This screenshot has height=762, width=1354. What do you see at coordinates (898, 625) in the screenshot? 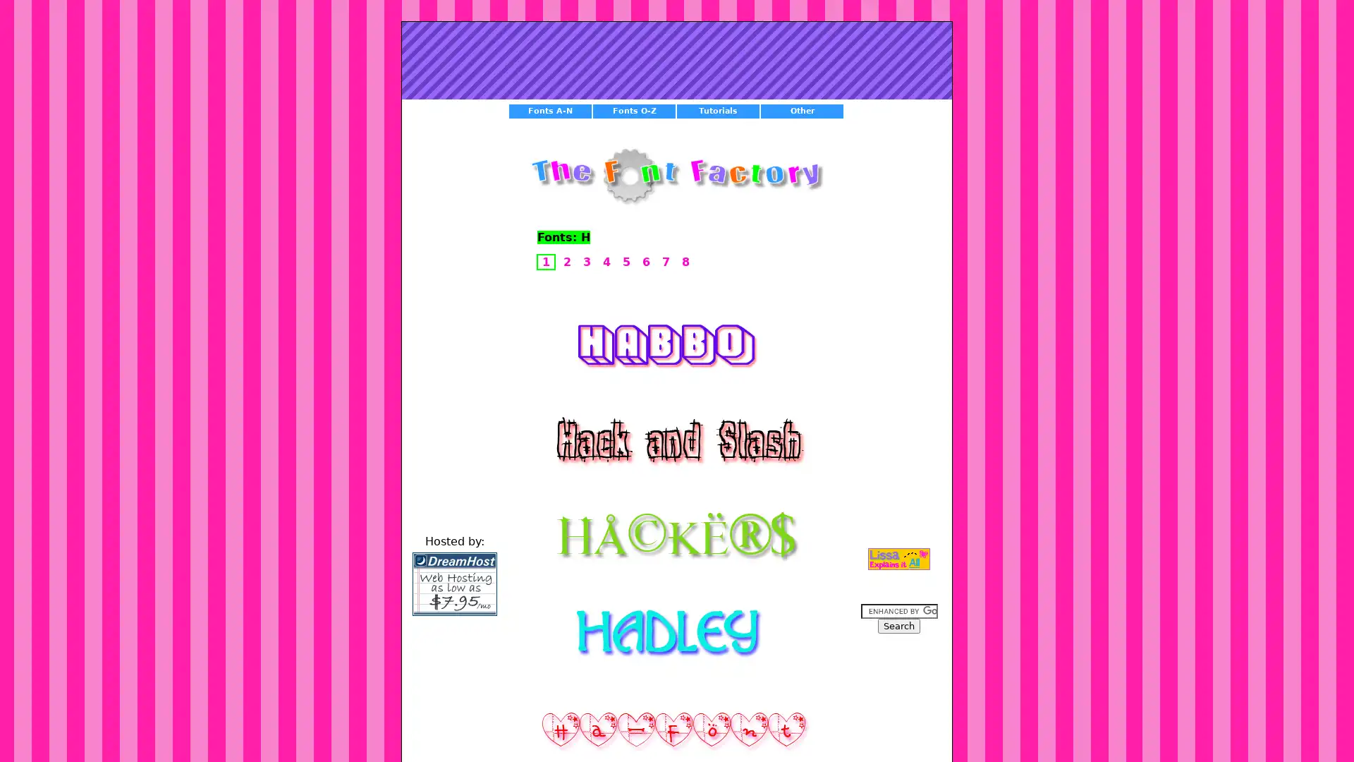
I see `Search` at bounding box center [898, 625].